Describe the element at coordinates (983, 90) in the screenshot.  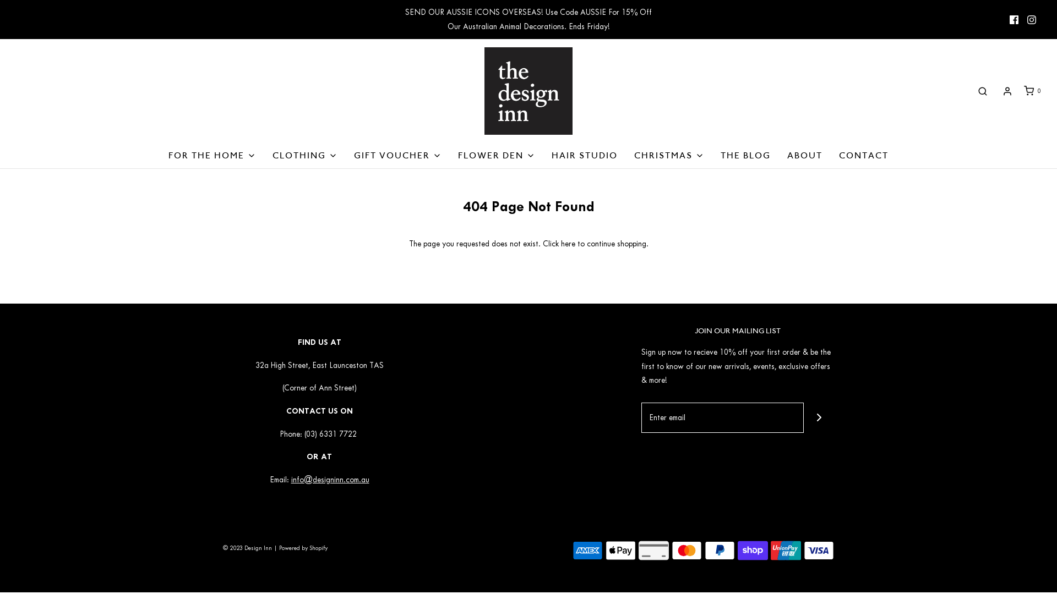
I see `'Search'` at that location.